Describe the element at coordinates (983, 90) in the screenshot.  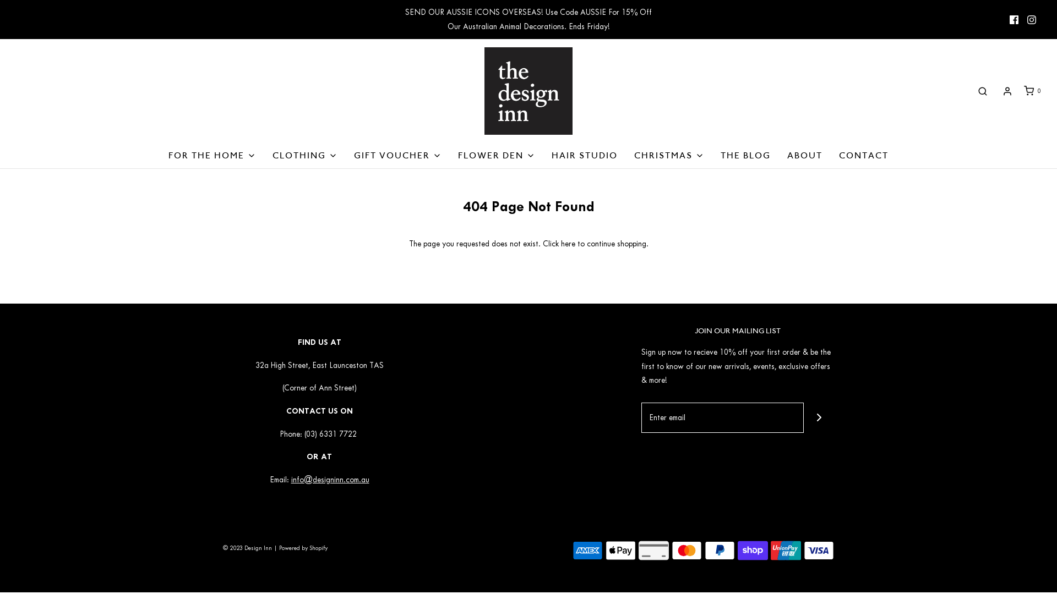
I see `'Search'` at that location.